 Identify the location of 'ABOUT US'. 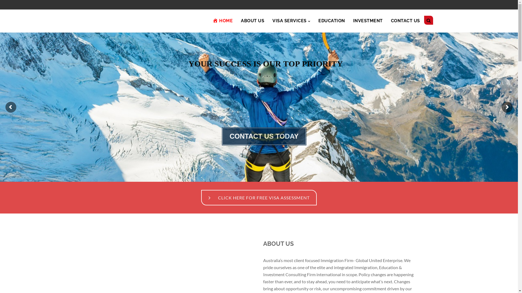
(252, 21).